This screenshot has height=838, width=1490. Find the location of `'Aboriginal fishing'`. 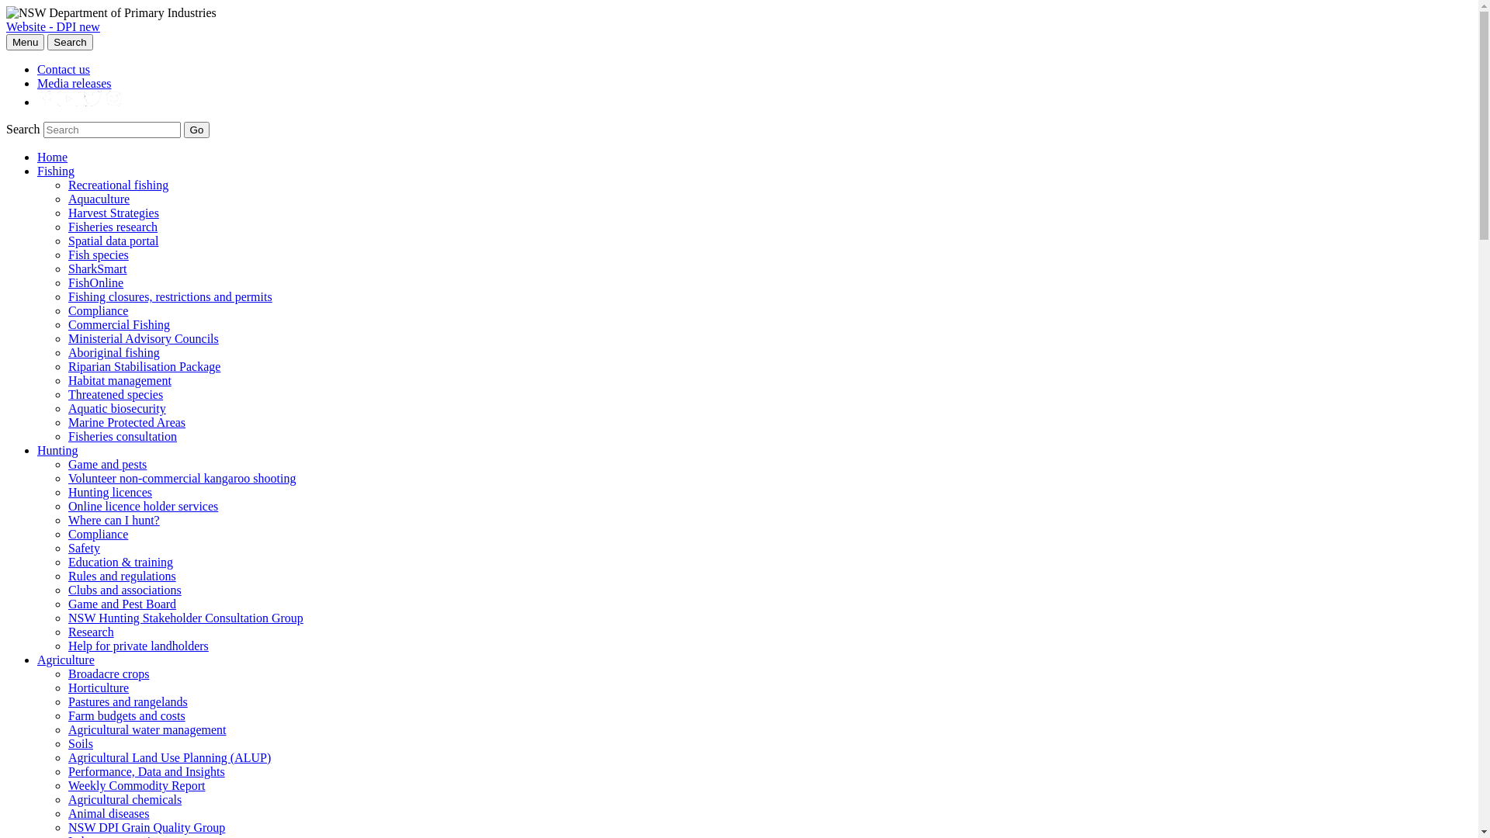

'Aboriginal fishing' is located at coordinates (113, 352).